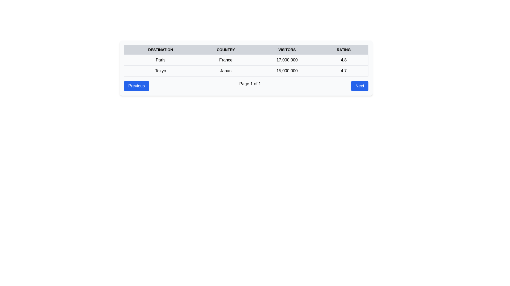 The height and width of the screenshot is (286, 510). I want to click on the text label displaying the value '4.7', located in the fourth cell of the second row under the 'RATING' header, so click(344, 70).